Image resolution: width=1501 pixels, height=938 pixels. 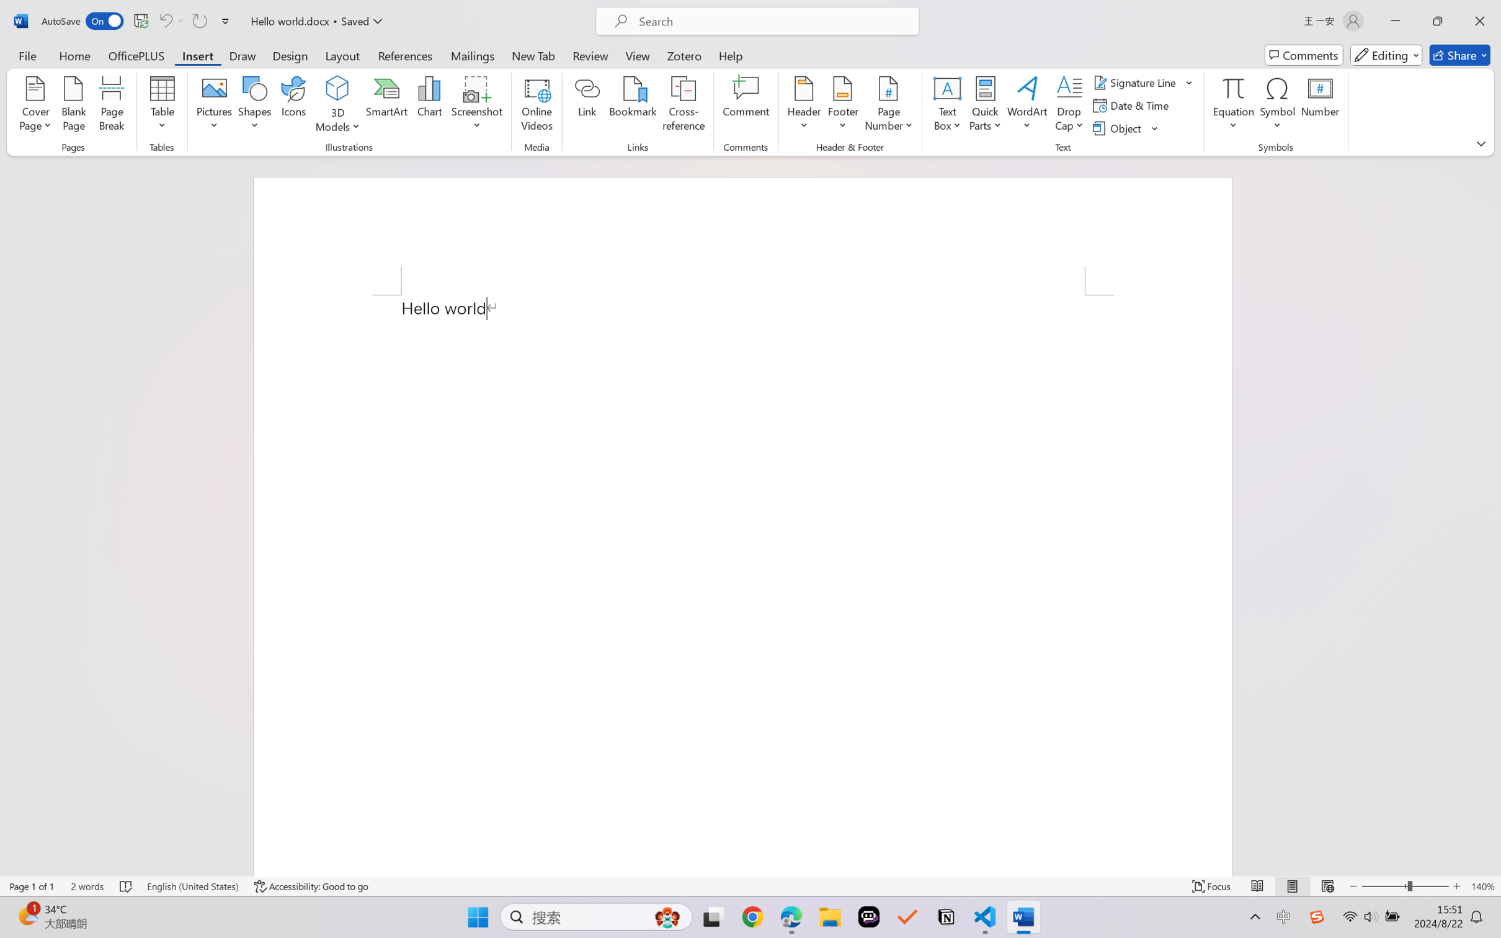 What do you see at coordinates (27, 916) in the screenshot?
I see `'AutomationID: BadgeAnchorLargeTicker'` at bounding box center [27, 916].